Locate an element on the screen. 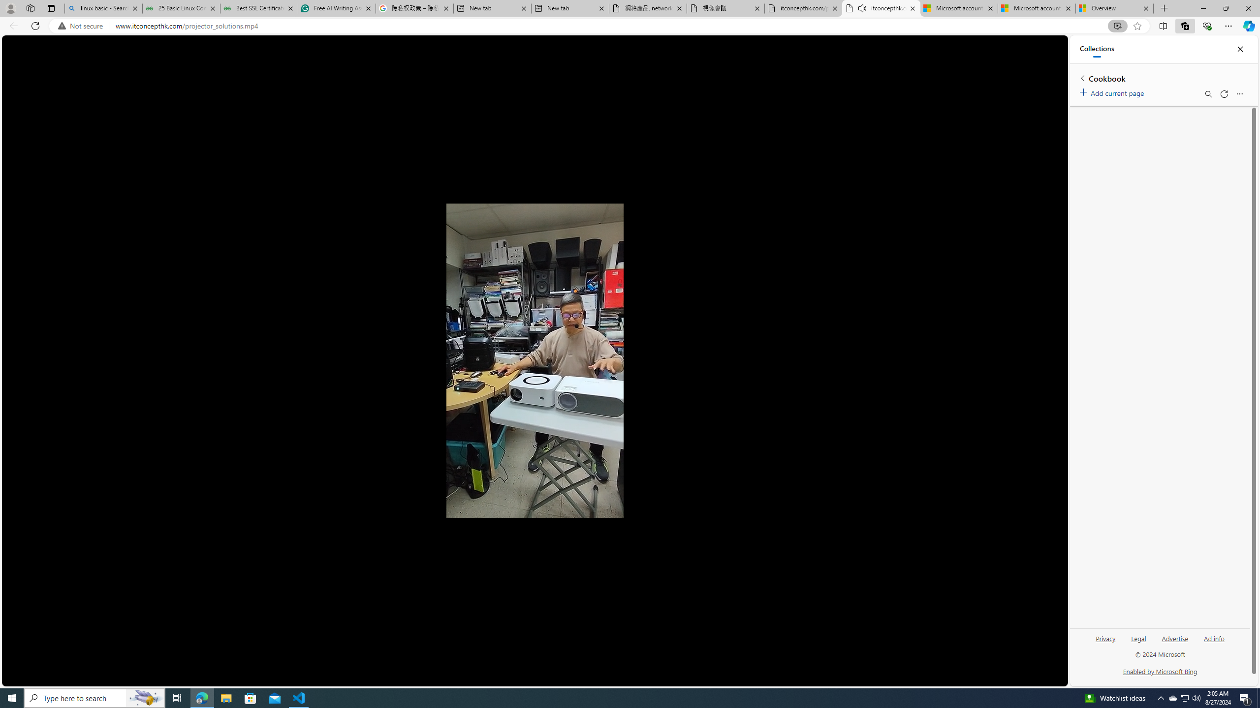 Image resolution: width=1260 pixels, height=708 pixels. 'Mute tab' is located at coordinates (862, 7).